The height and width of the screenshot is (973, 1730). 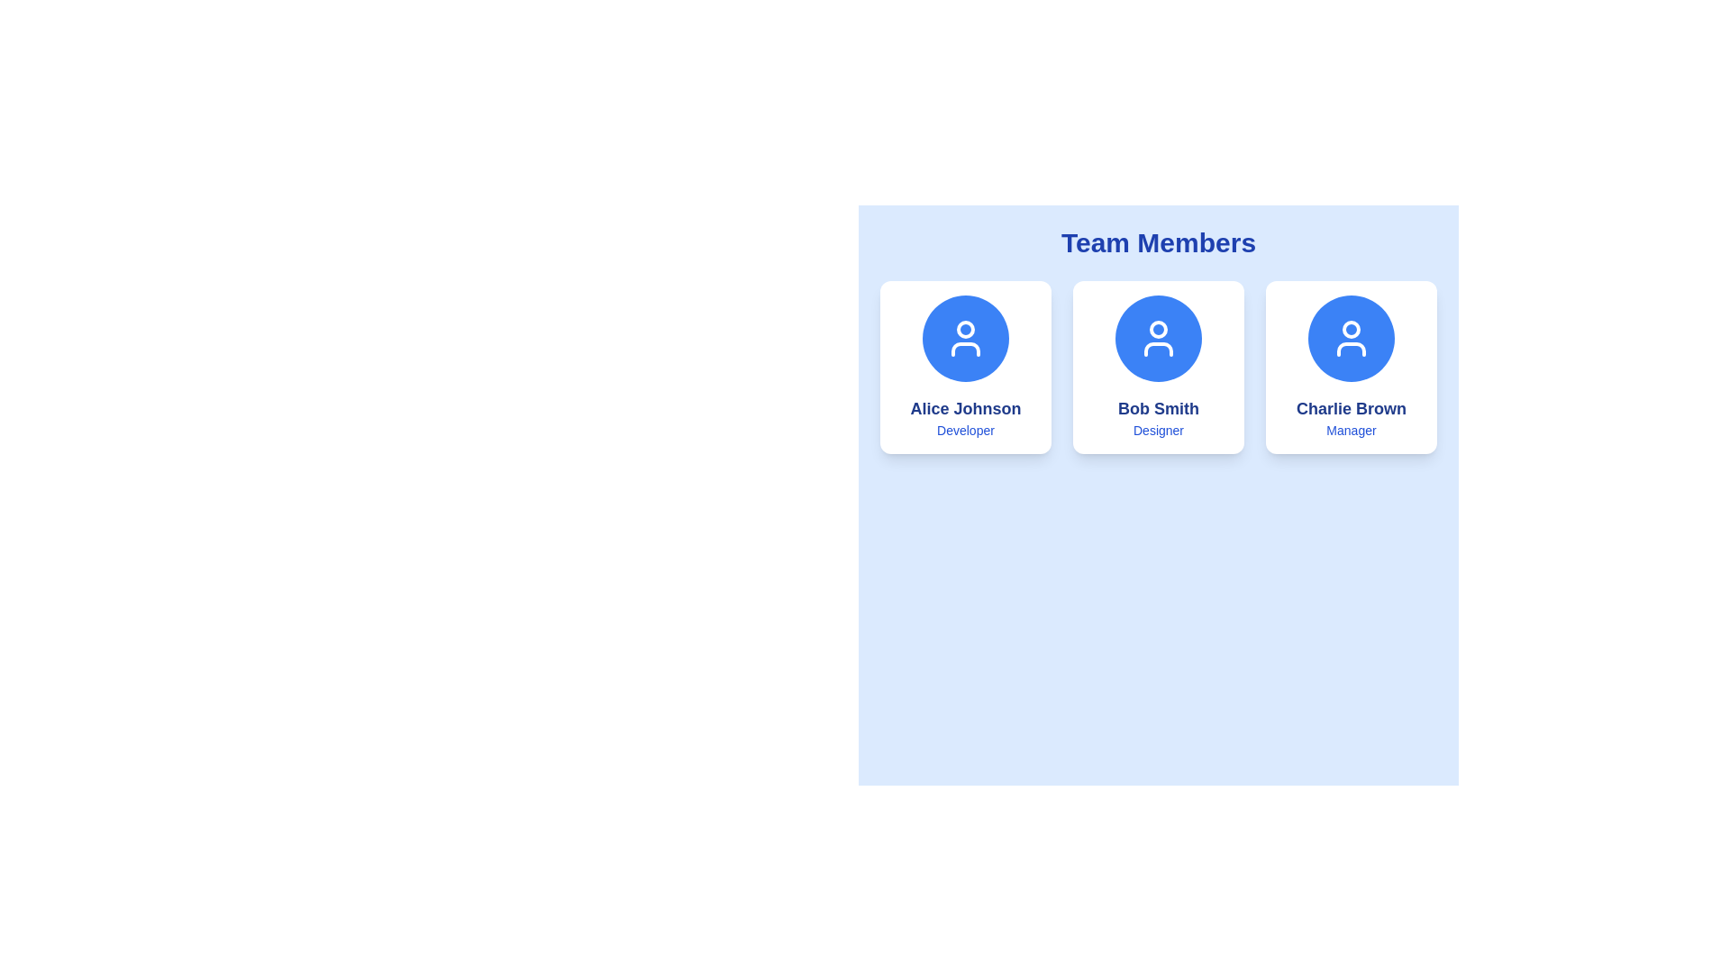 What do you see at coordinates (1351, 409) in the screenshot?
I see `the bold blue text label displaying 'Charlie Brown', which is located in the third card under the 'Team Members' heading, positioned below a user icon and above the 'Manager' text` at bounding box center [1351, 409].